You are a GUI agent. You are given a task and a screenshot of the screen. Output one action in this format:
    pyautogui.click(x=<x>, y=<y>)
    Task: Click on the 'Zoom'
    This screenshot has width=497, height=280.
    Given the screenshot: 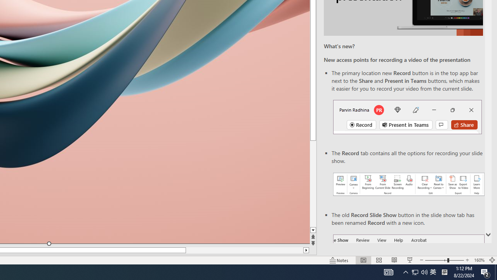 What is the action you would take?
    pyautogui.click(x=444, y=260)
    